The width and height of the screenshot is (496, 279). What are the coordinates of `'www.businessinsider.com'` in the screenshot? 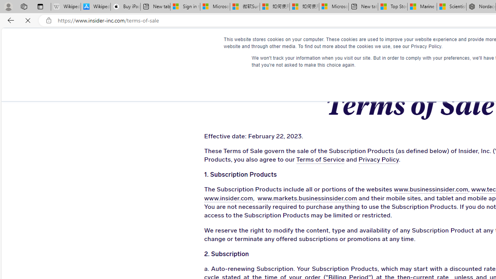 It's located at (408, 189).